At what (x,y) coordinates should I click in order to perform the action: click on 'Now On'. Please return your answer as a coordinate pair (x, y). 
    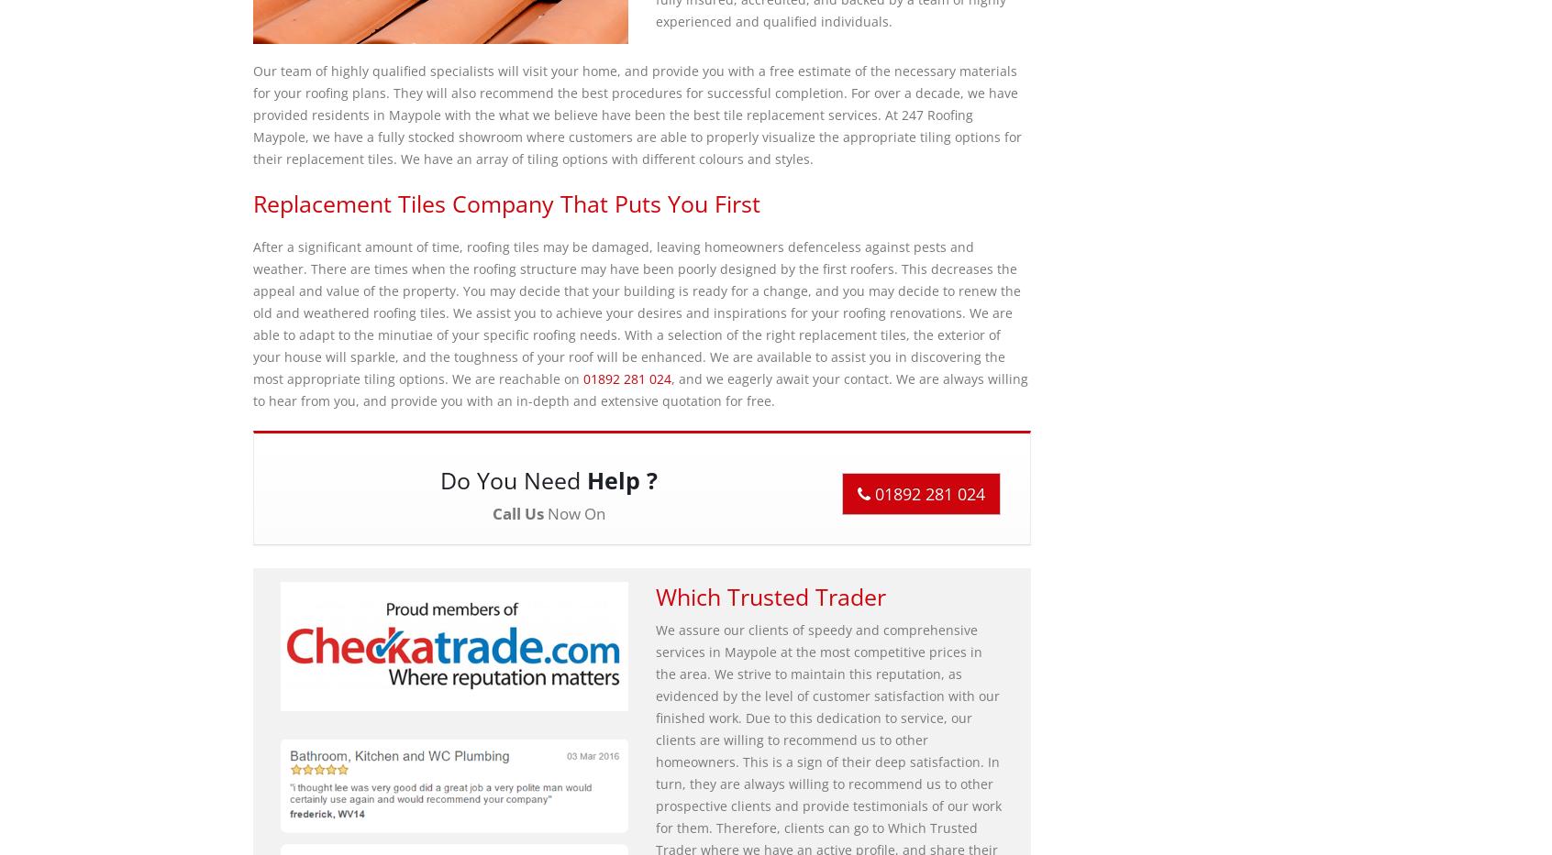
    Looking at the image, I should click on (572, 512).